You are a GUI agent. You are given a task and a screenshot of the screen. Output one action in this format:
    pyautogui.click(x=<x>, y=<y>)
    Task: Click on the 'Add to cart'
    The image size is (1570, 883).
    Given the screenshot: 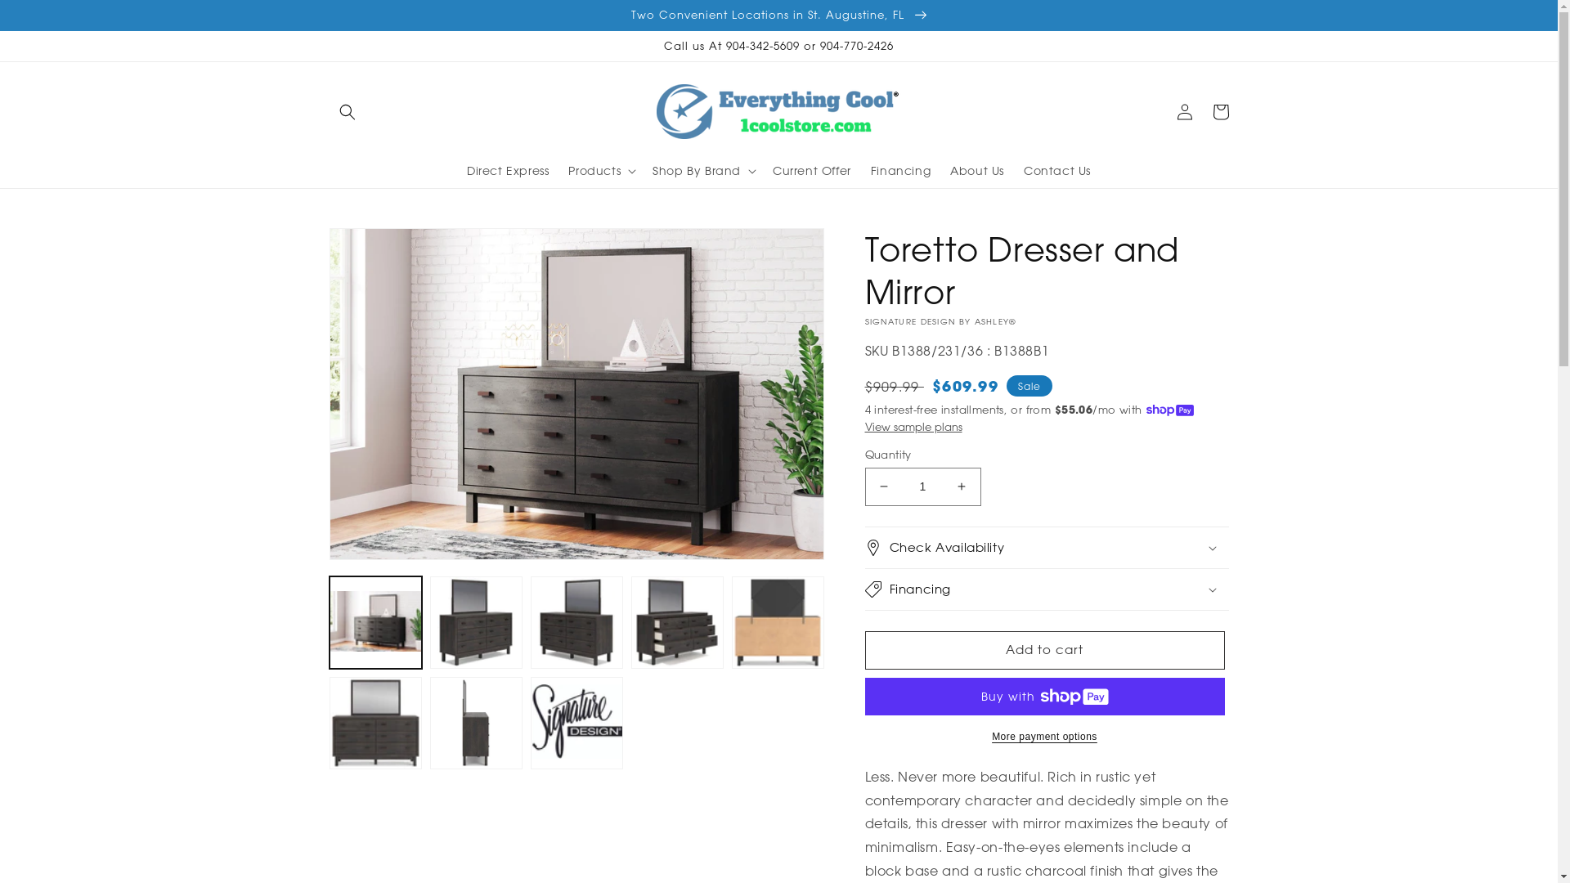 What is the action you would take?
    pyautogui.click(x=1043, y=649)
    